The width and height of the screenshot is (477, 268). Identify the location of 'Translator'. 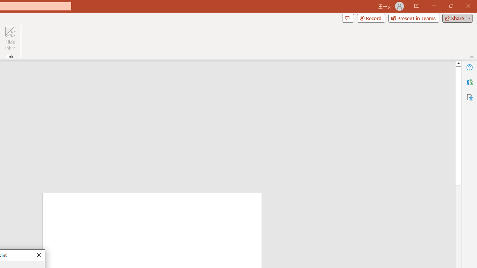
(469, 82).